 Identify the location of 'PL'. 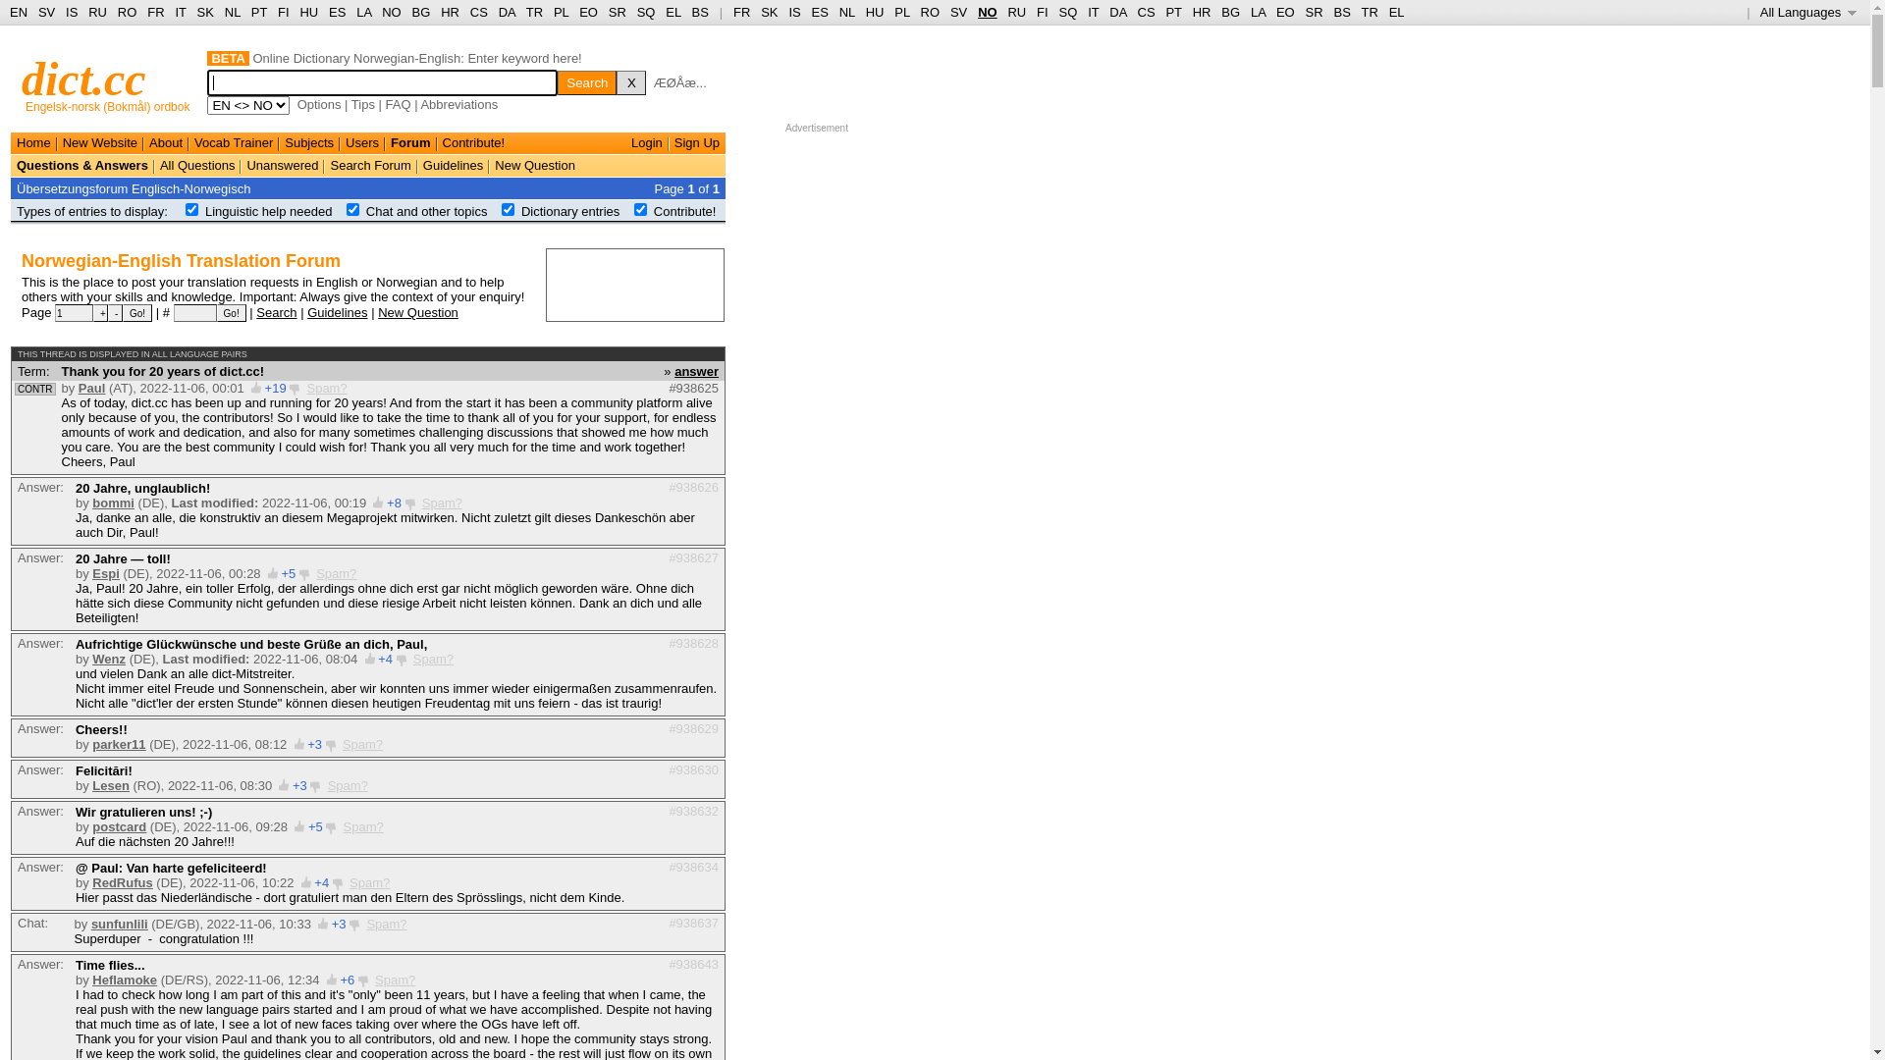
(900, 12).